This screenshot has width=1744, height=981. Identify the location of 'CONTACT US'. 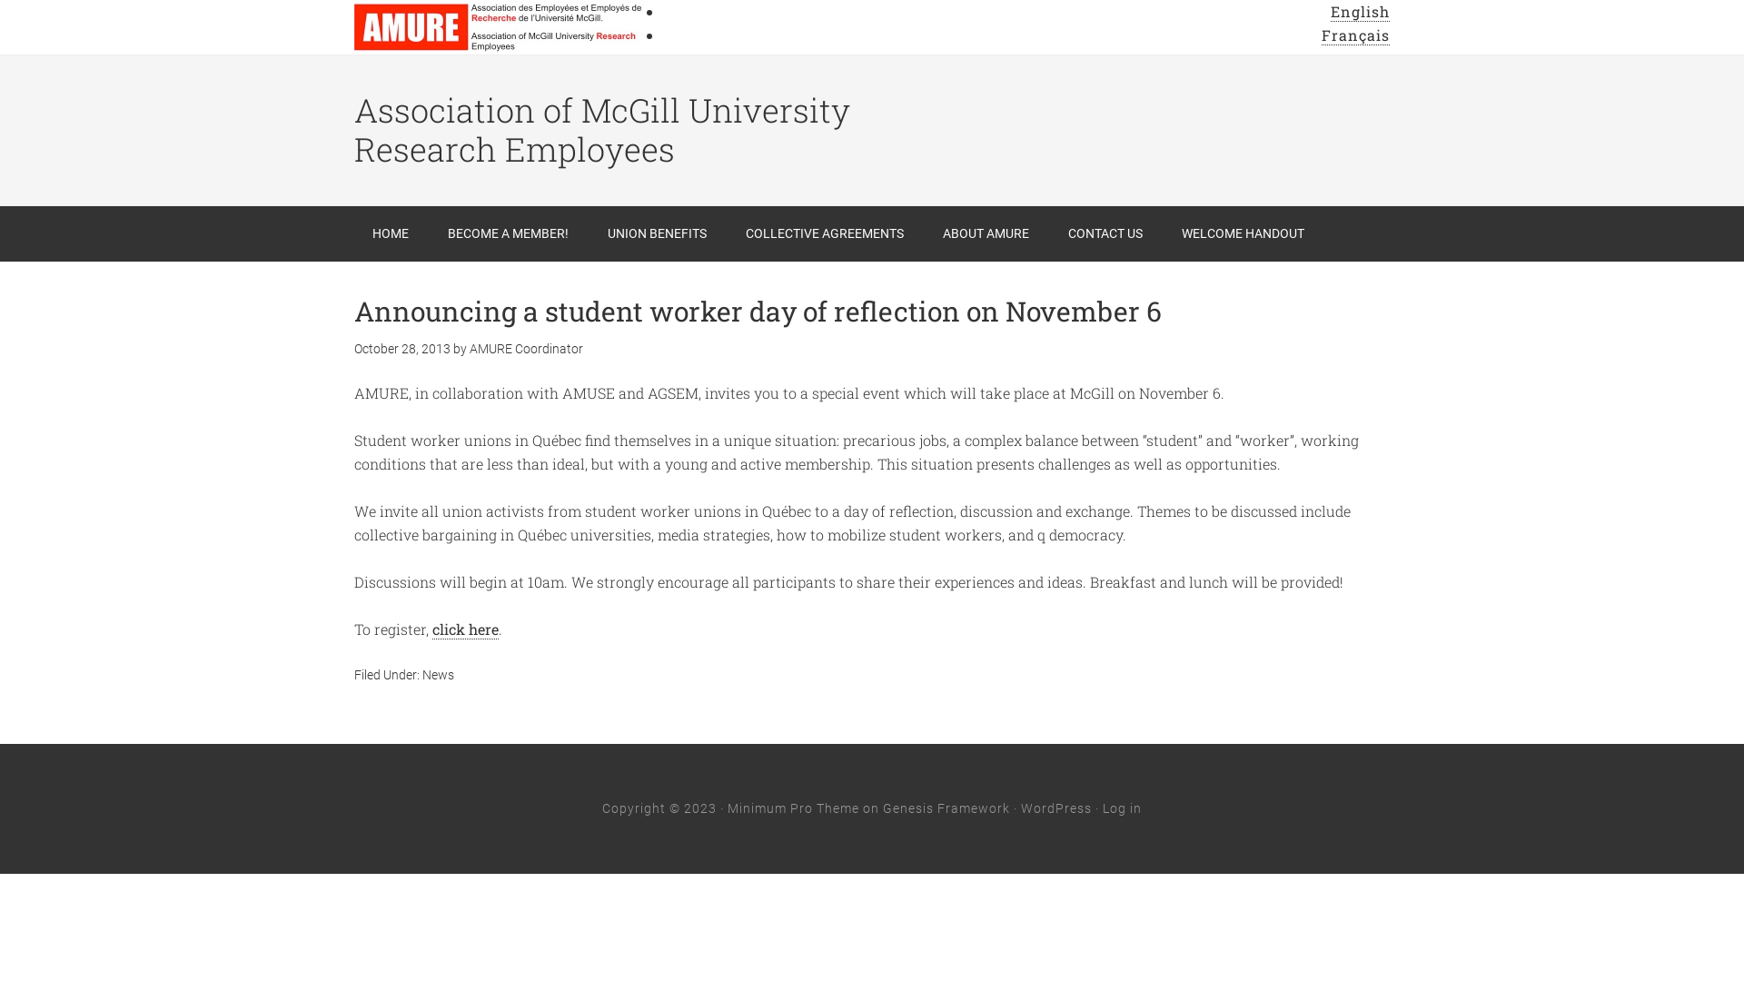
(1050, 233).